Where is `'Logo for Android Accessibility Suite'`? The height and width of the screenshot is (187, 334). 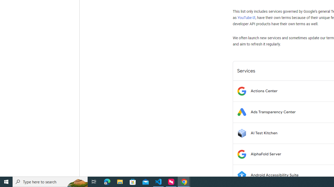
'Logo for Android Accessibility Suite' is located at coordinates (241, 175).